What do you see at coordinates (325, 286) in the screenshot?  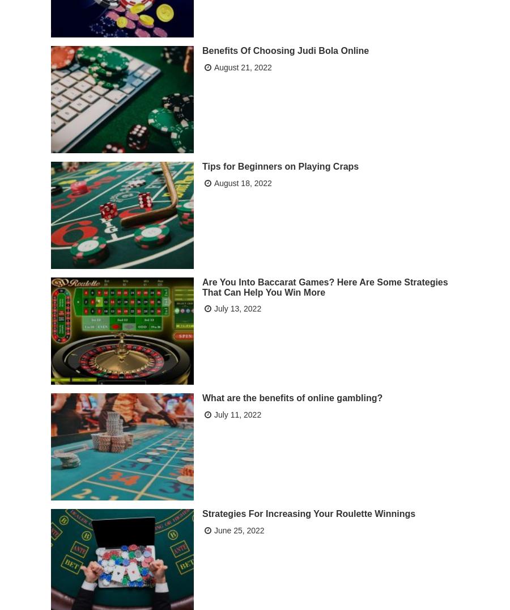 I see `'Are You Into Baccarat Games? Here Are Some Strategies That Can Help You Win More'` at bounding box center [325, 286].